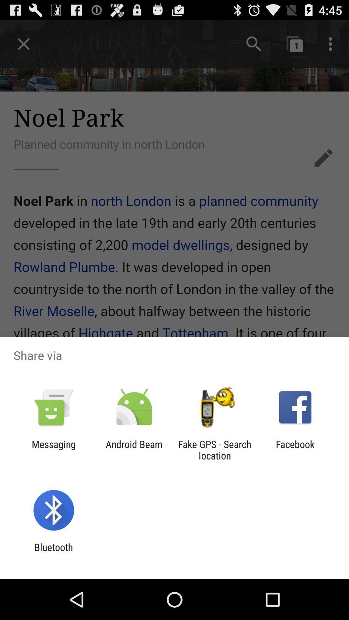 This screenshot has height=620, width=349. Describe the element at coordinates (295, 449) in the screenshot. I see `the app next to the fake gps search` at that location.